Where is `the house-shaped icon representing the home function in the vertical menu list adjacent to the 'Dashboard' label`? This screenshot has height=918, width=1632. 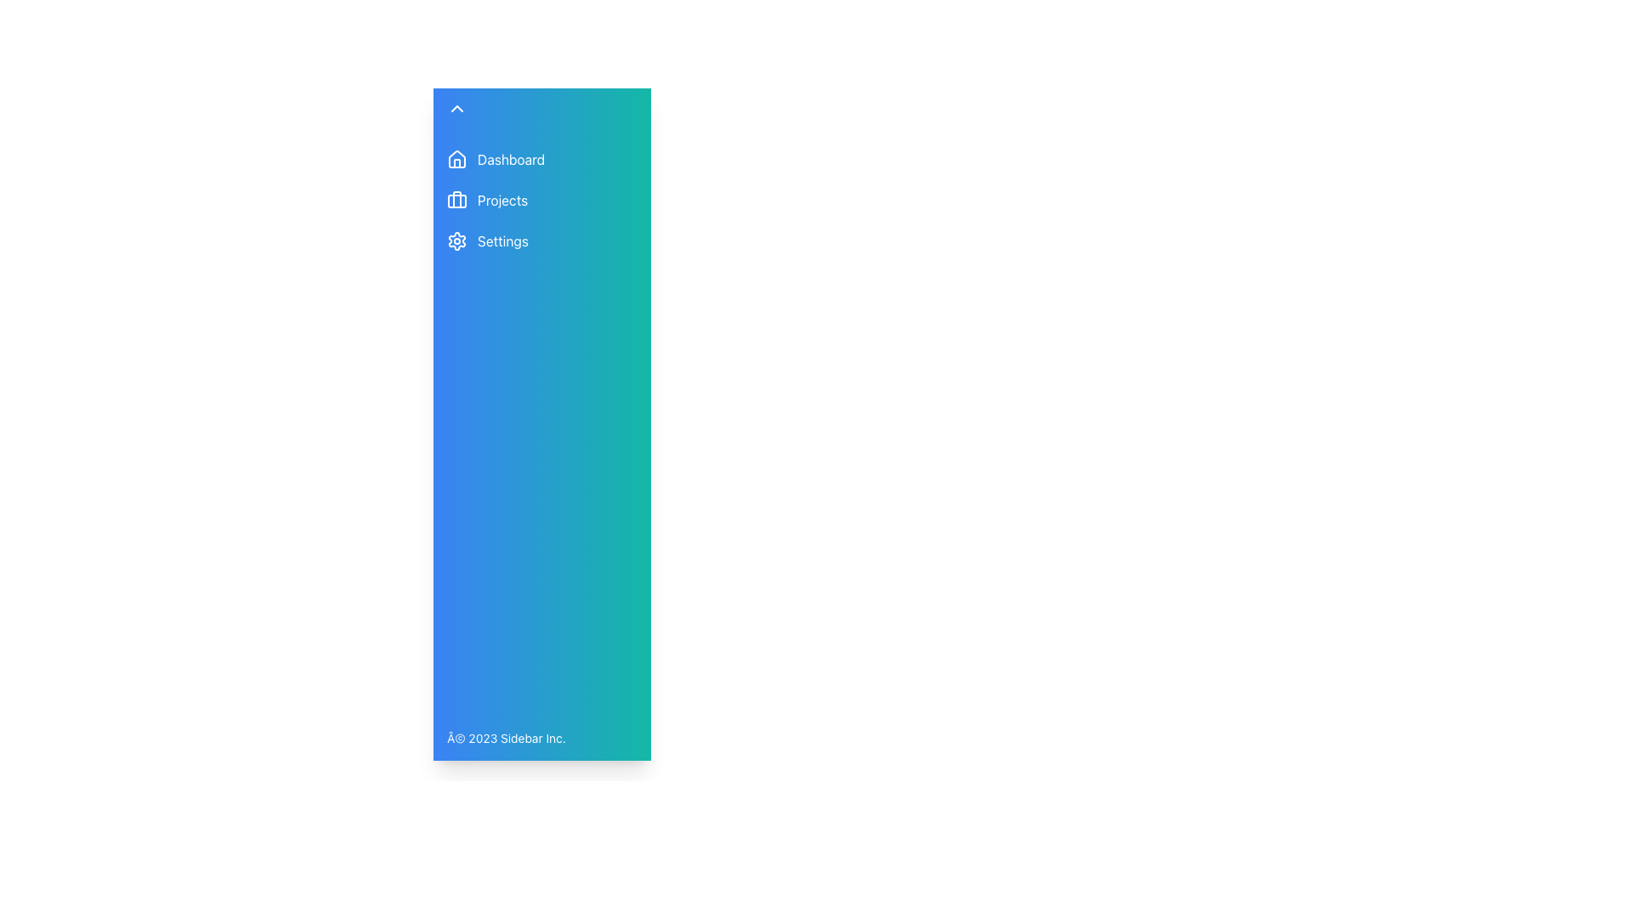 the house-shaped icon representing the home function in the vertical menu list adjacent to the 'Dashboard' label is located at coordinates (456, 158).